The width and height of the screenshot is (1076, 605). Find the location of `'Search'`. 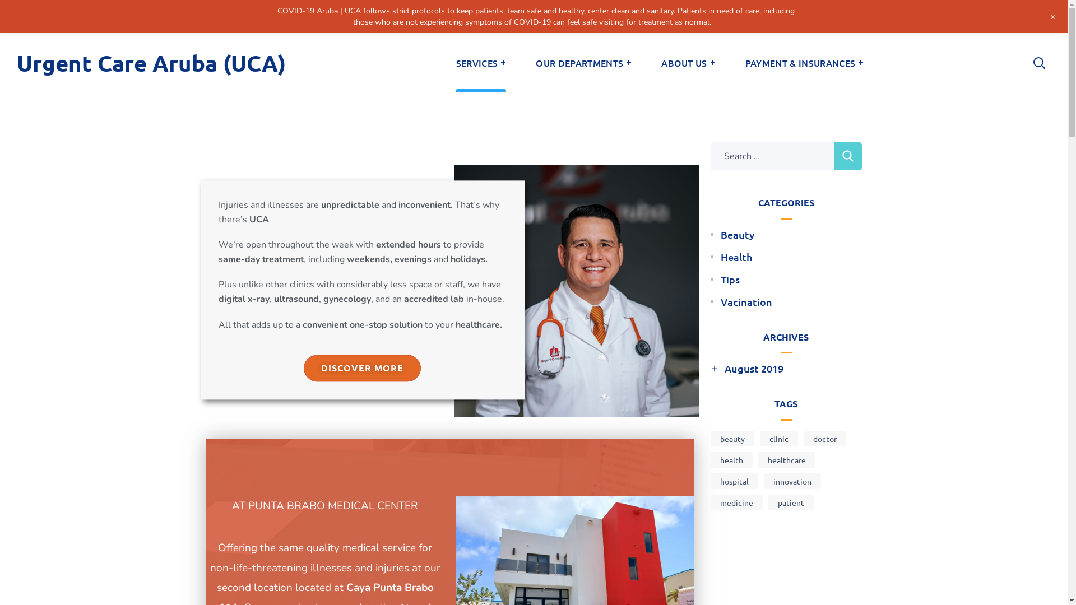

'Search' is located at coordinates (847, 156).